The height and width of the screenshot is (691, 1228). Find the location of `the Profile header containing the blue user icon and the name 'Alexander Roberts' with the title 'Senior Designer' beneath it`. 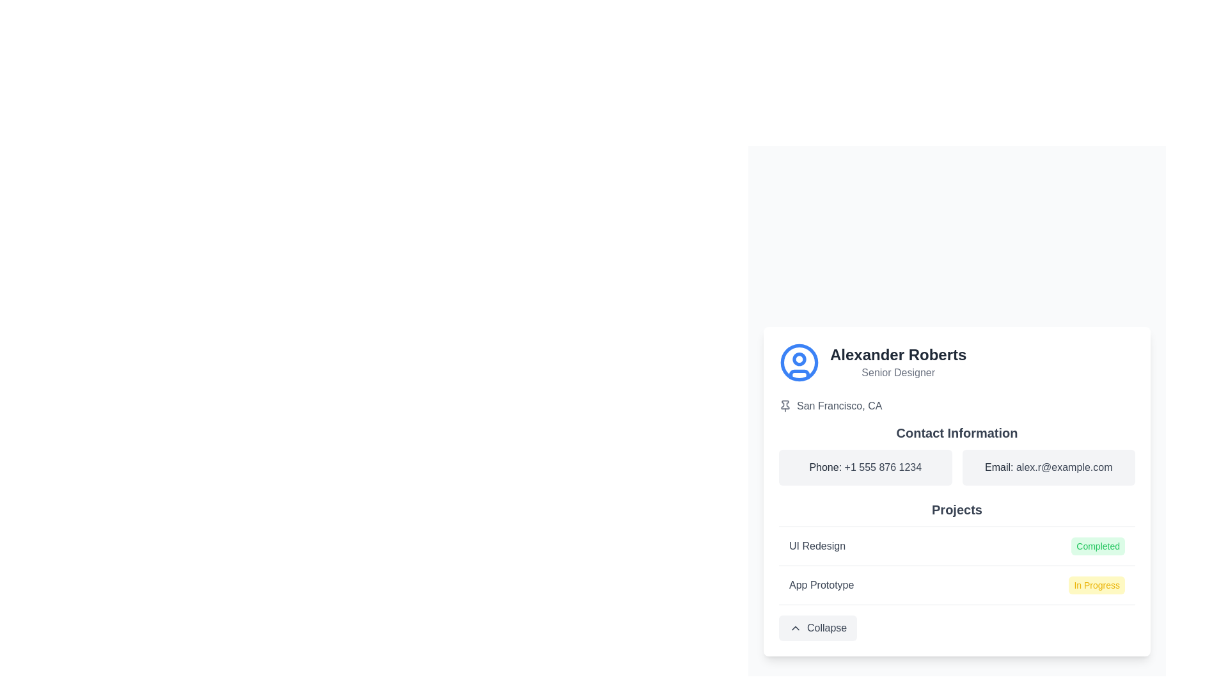

the Profile header containing the blue user icon and the name 'Alexander Roberts' with the title 'Senior Designer' beneath it is located at coordinates (957, 362).